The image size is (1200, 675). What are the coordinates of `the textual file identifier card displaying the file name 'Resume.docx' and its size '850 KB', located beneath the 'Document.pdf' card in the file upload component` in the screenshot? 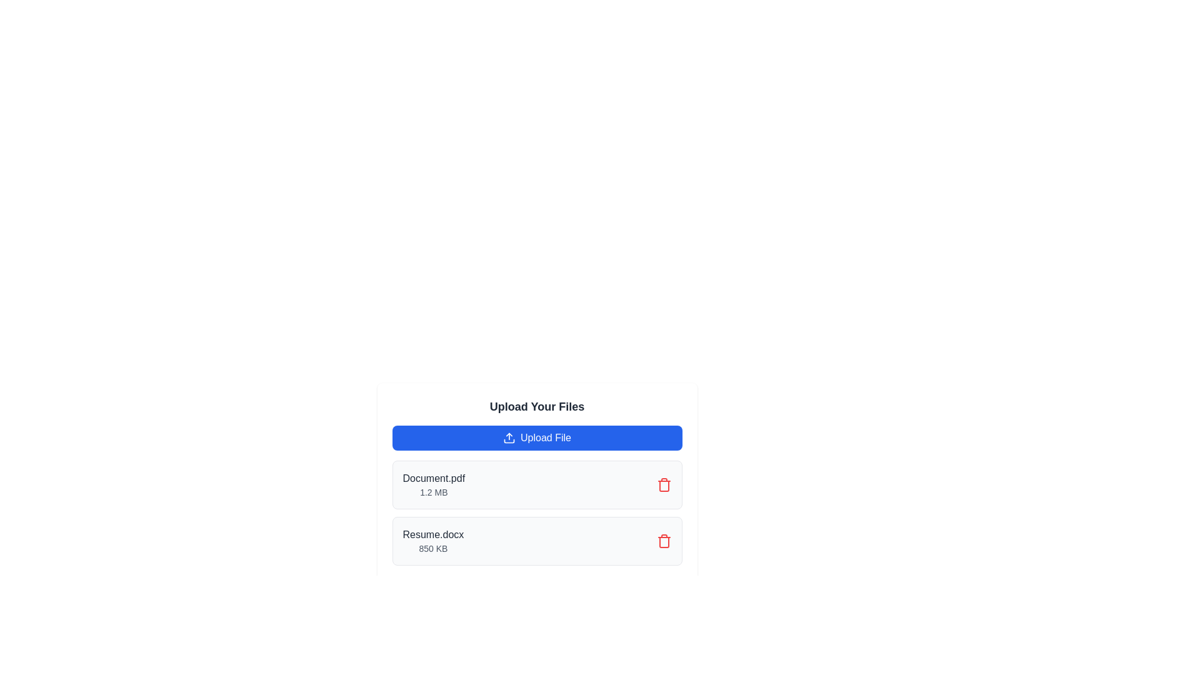 It's located at (433, 541).